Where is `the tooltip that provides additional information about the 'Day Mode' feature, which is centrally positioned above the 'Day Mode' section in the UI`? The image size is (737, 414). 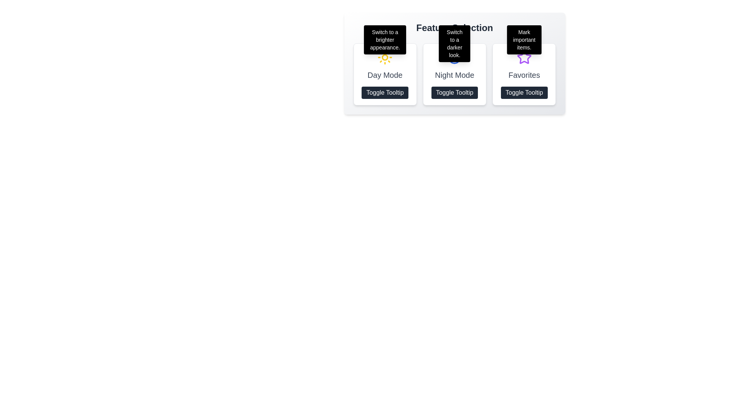 the tooltip that provides additional information about the 'Day Mode' feature, which is centrally positioned above the 'Day Mode' section in the UI is located at coordinates (385, 40).